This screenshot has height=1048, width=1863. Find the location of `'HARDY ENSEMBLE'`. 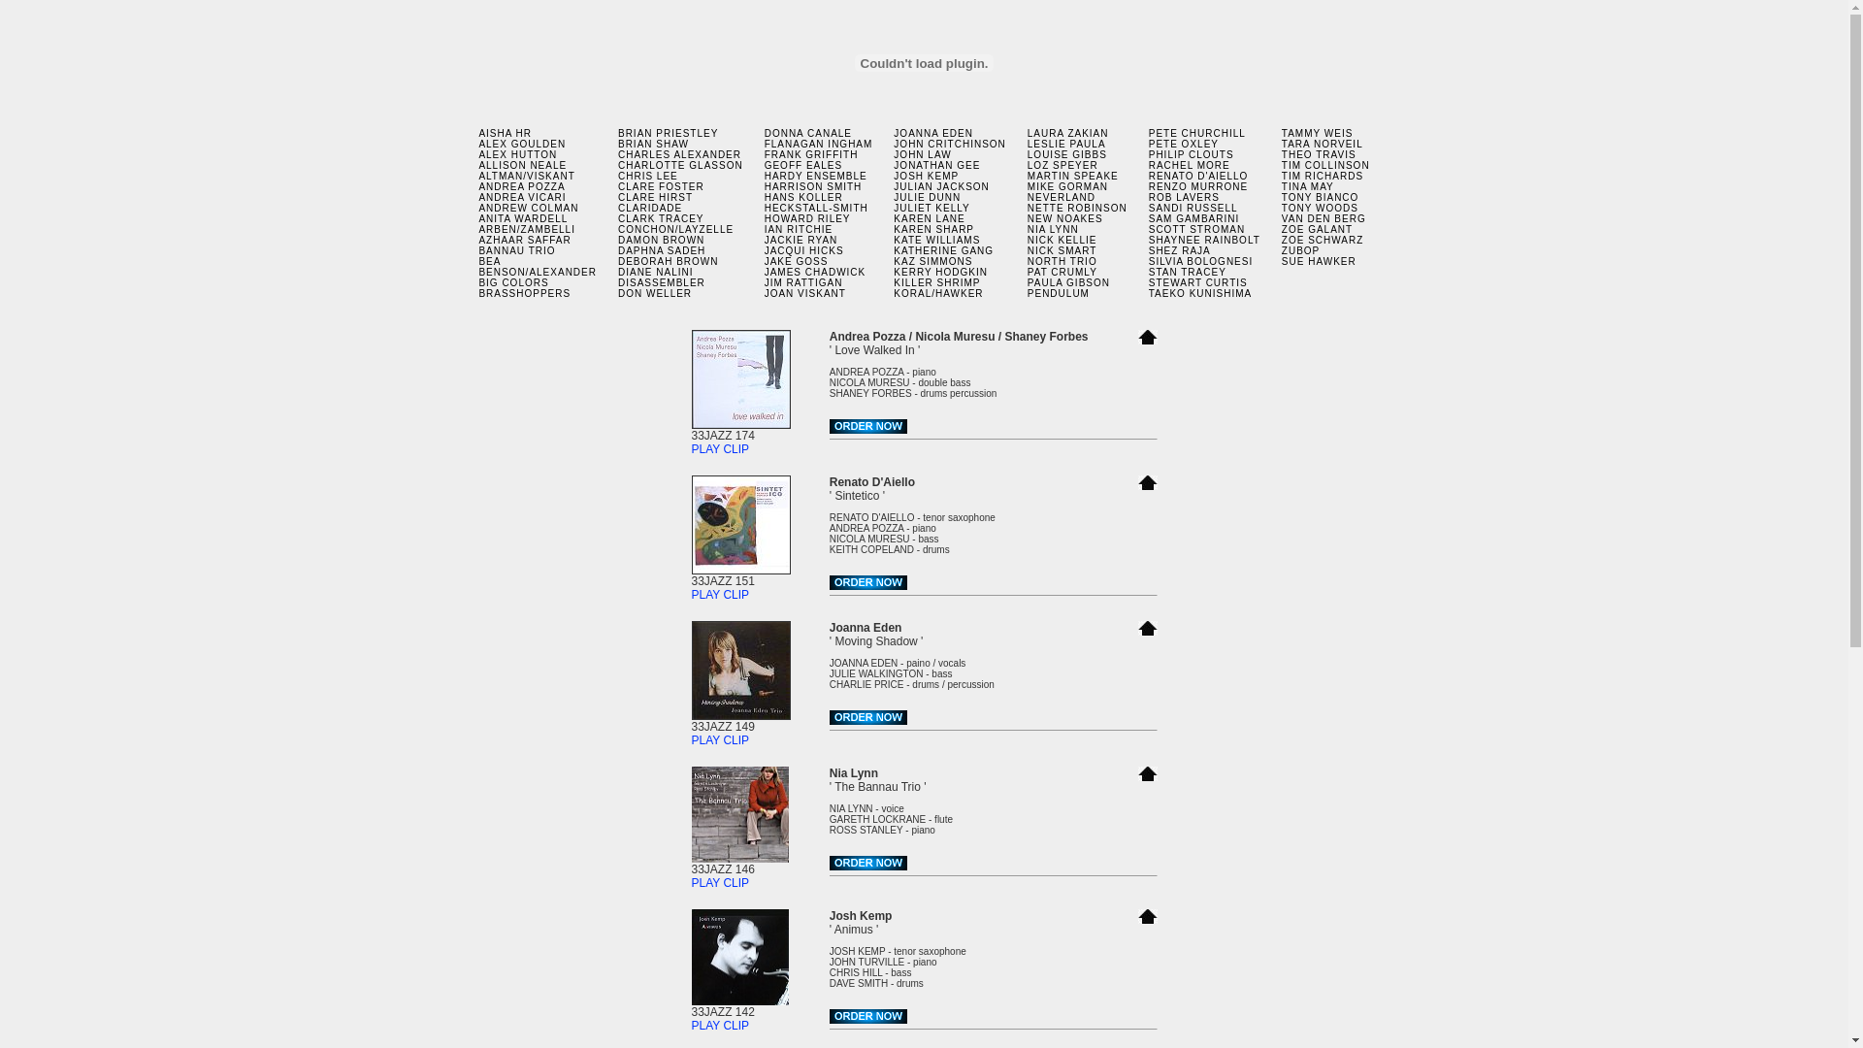

'HARDY ENSEMBLE' is located at coordinates (763, 176).